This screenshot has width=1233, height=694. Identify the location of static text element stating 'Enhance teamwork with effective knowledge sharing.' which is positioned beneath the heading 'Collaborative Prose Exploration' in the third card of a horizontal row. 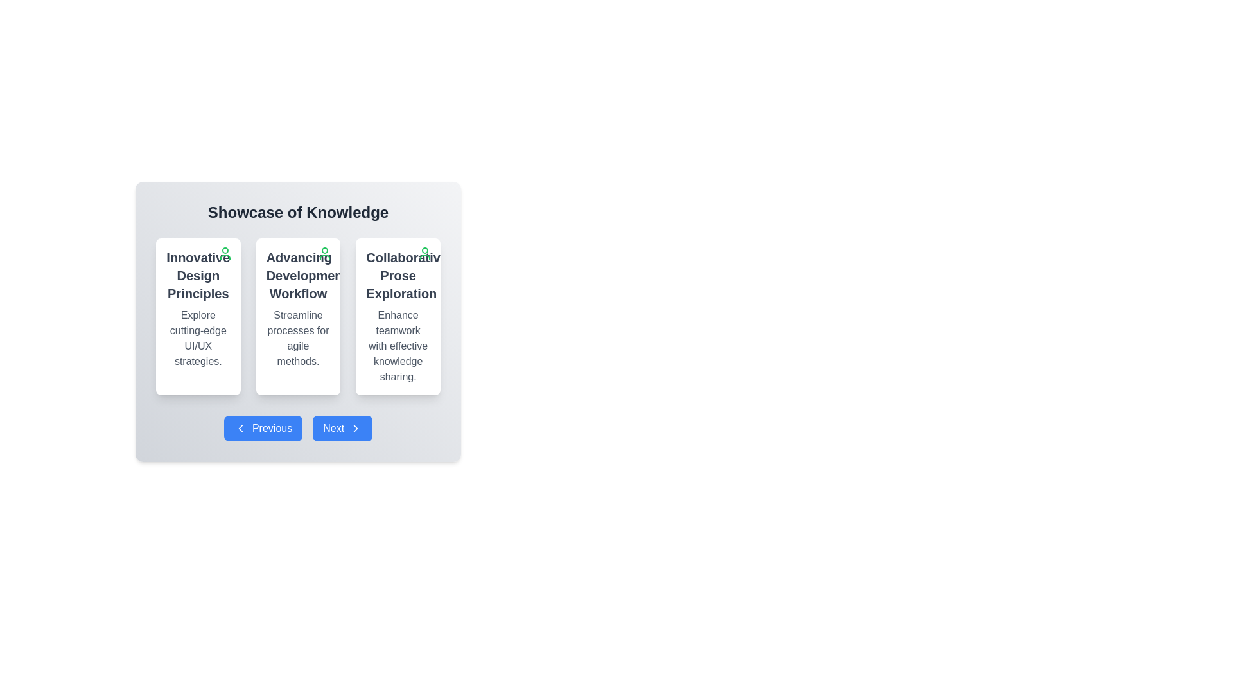
(398, 346).